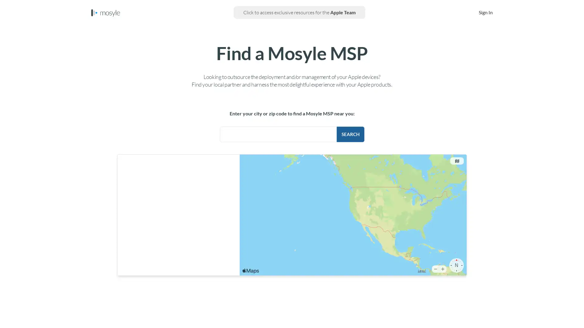 The height and width of the screenshot is (328, 584). Describe the element at coordinates (299, 12) in the screenshot. I see `Click to access exclusive resources for the Apple Team` at that location.